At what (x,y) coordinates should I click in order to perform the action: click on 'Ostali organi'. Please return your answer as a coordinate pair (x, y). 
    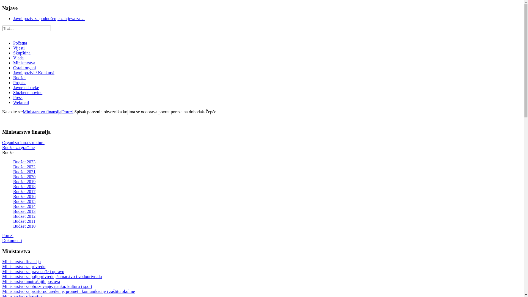
    Looking at the image, I should click on (24, 67).